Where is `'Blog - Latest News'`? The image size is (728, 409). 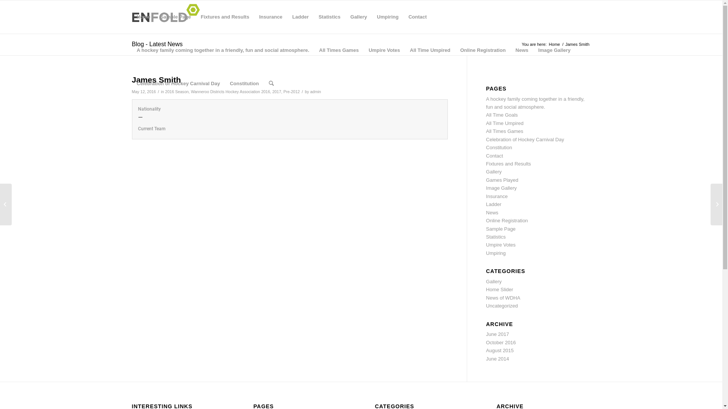
'Blog - Latest News' is located at coordinates (157, 44).